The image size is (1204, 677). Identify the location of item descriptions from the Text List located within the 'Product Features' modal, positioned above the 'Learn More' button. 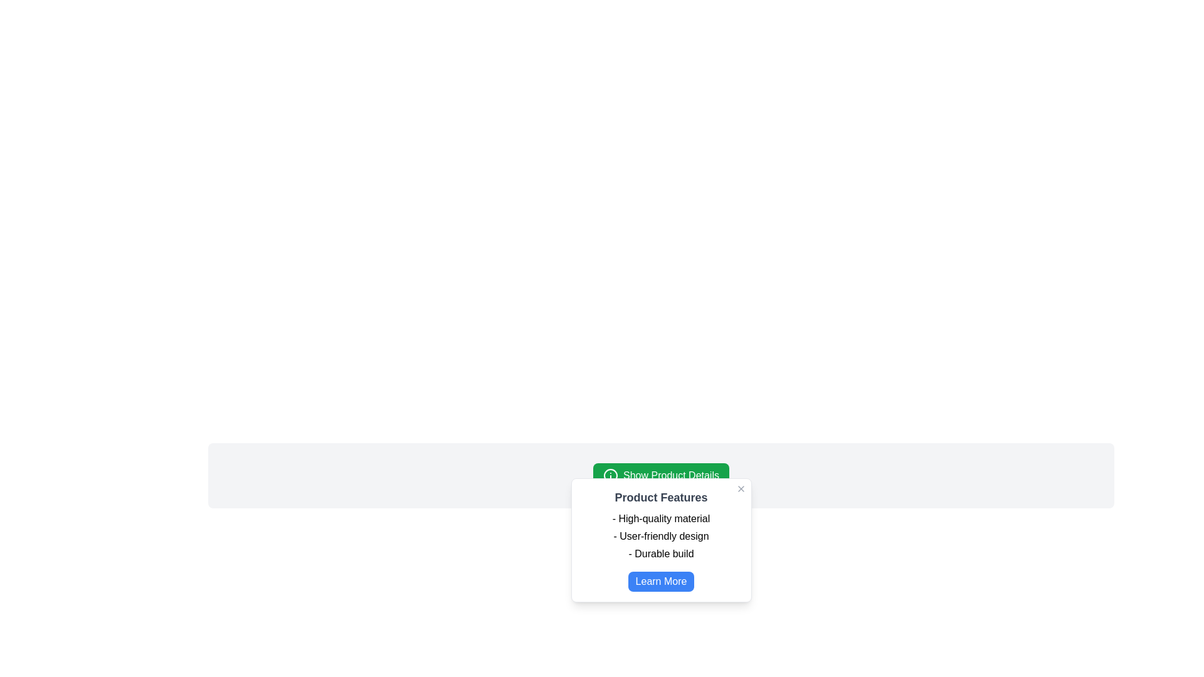
(660, 536).